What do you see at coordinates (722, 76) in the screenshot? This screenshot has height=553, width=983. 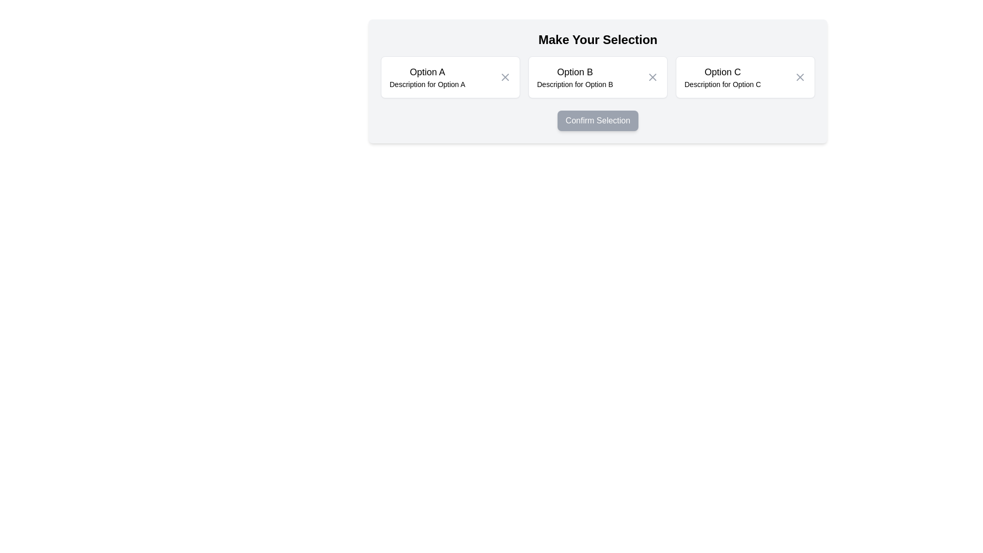 I see `the selectable card titled 'Option C' which is the third option in a horizontal row of selectable cards under the section 'Make Your Selection'` at bounding box center [722, 76].